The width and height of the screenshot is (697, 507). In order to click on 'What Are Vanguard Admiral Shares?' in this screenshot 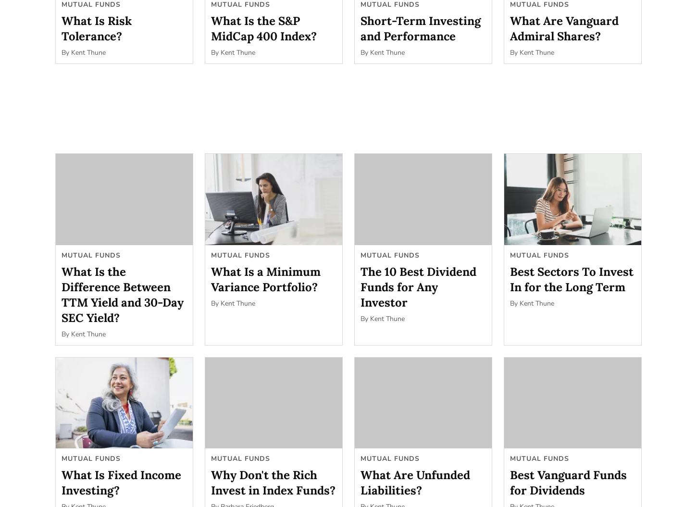, I will do `click(564, 28)`.